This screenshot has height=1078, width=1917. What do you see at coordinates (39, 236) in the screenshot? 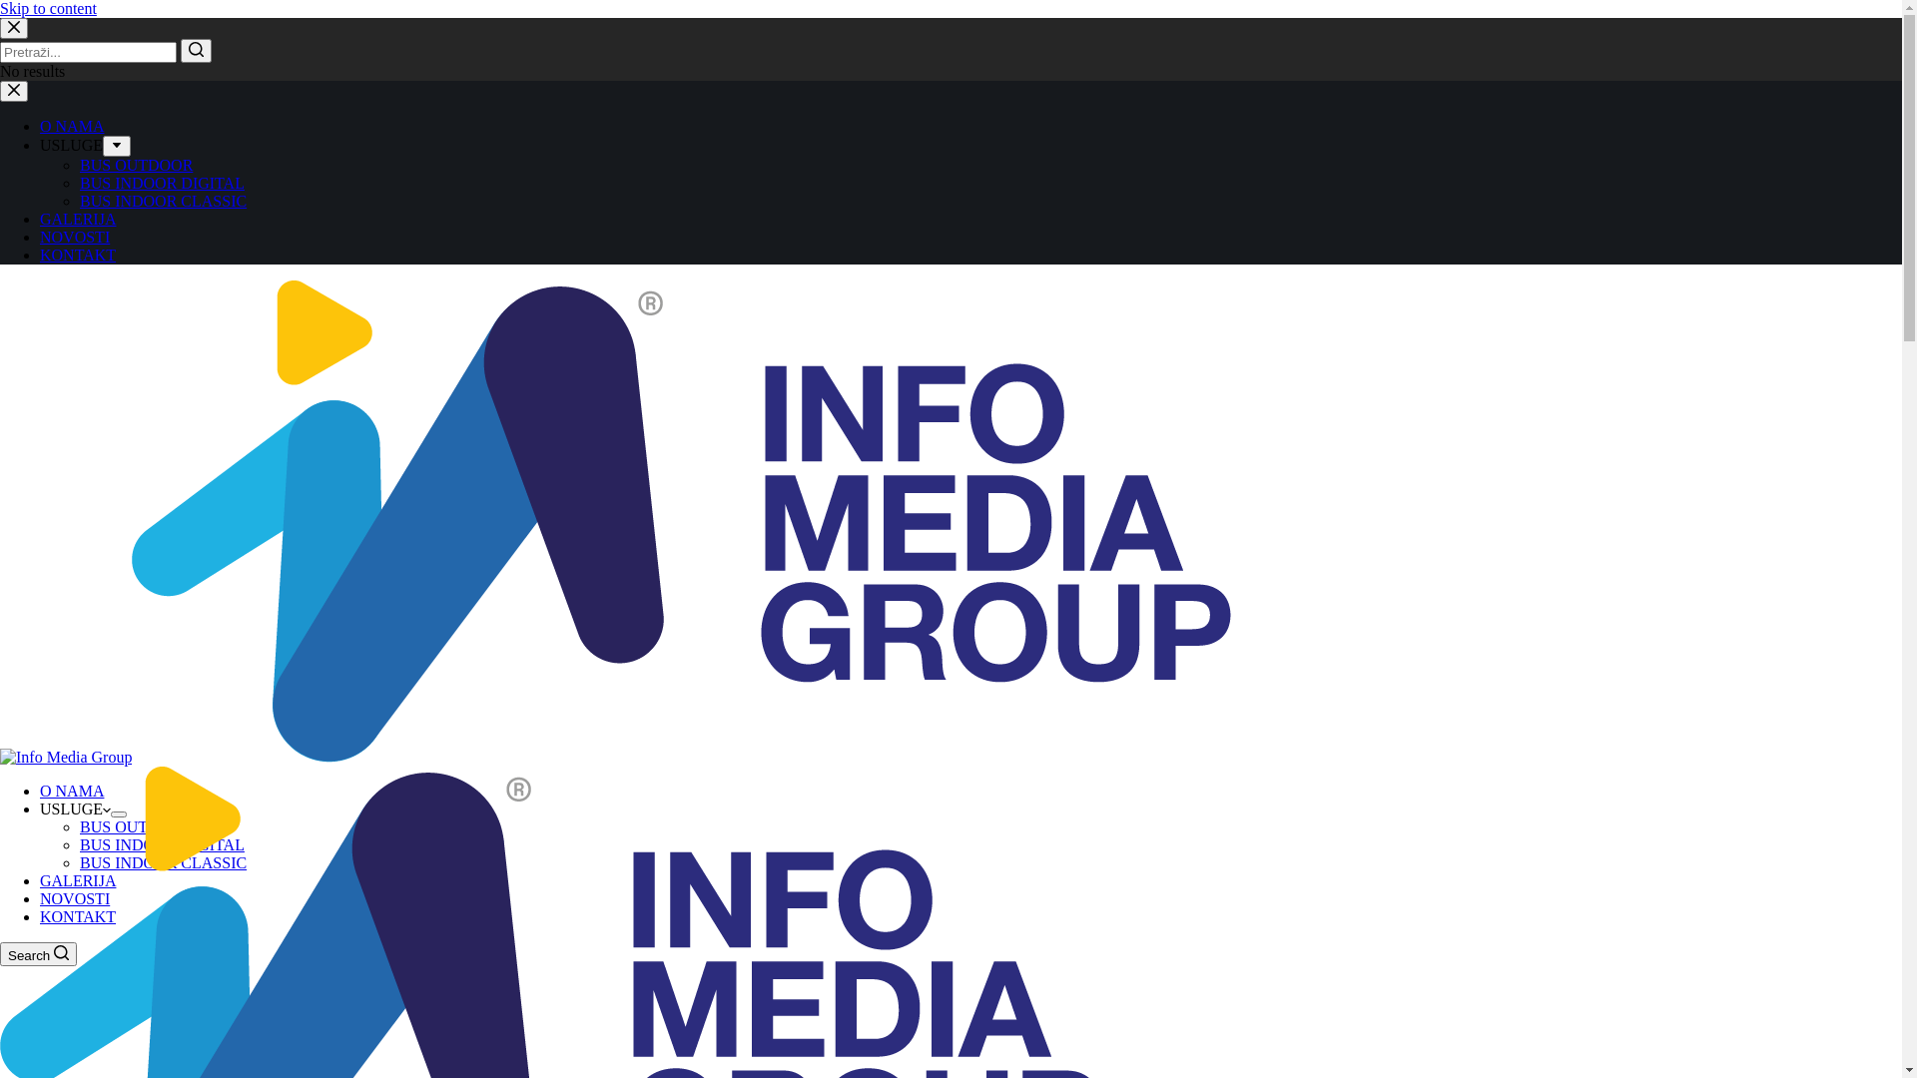
I see `'NOVOSTI'` at bounding box center [39, 236].